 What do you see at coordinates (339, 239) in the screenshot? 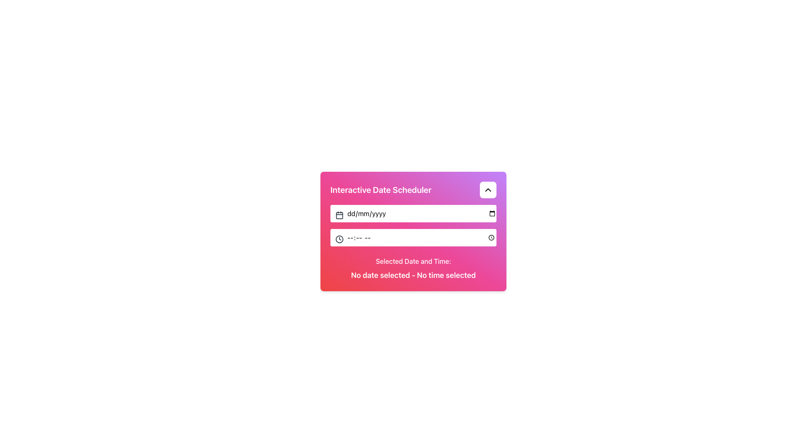
I see `the minimalistic clock icon located inside the time input field of the interactive date scheduler component, positioned to the left of the placeholder text '--:-- --'` at bounding box center [339, 239].